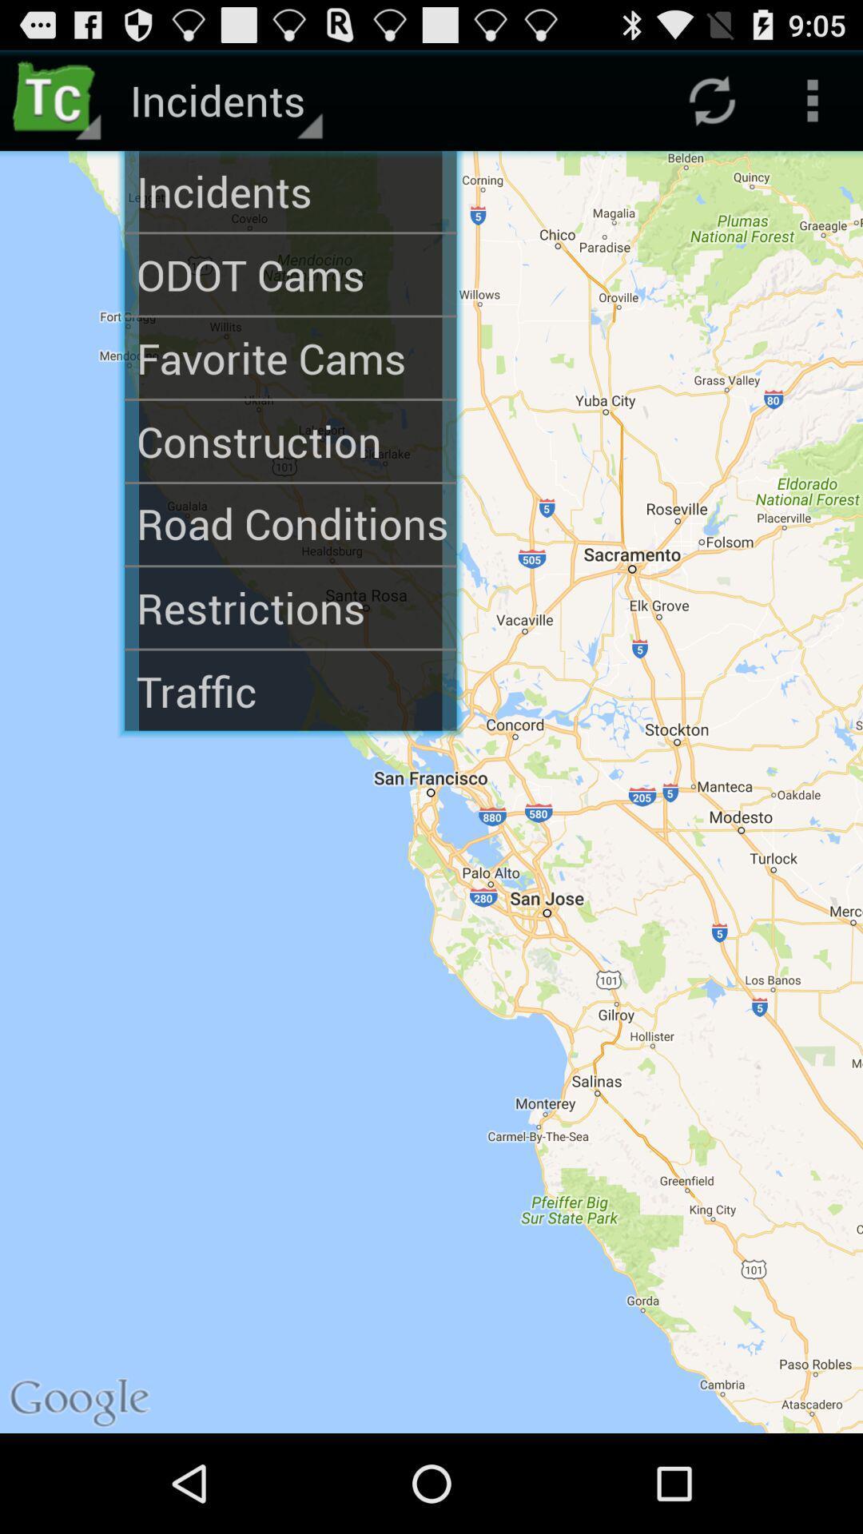 The width and height of the screenshot is (863, 1534). Describe the element at coordinates (290, 524) in the screenshot. I see `the road conditions icon` at that location.